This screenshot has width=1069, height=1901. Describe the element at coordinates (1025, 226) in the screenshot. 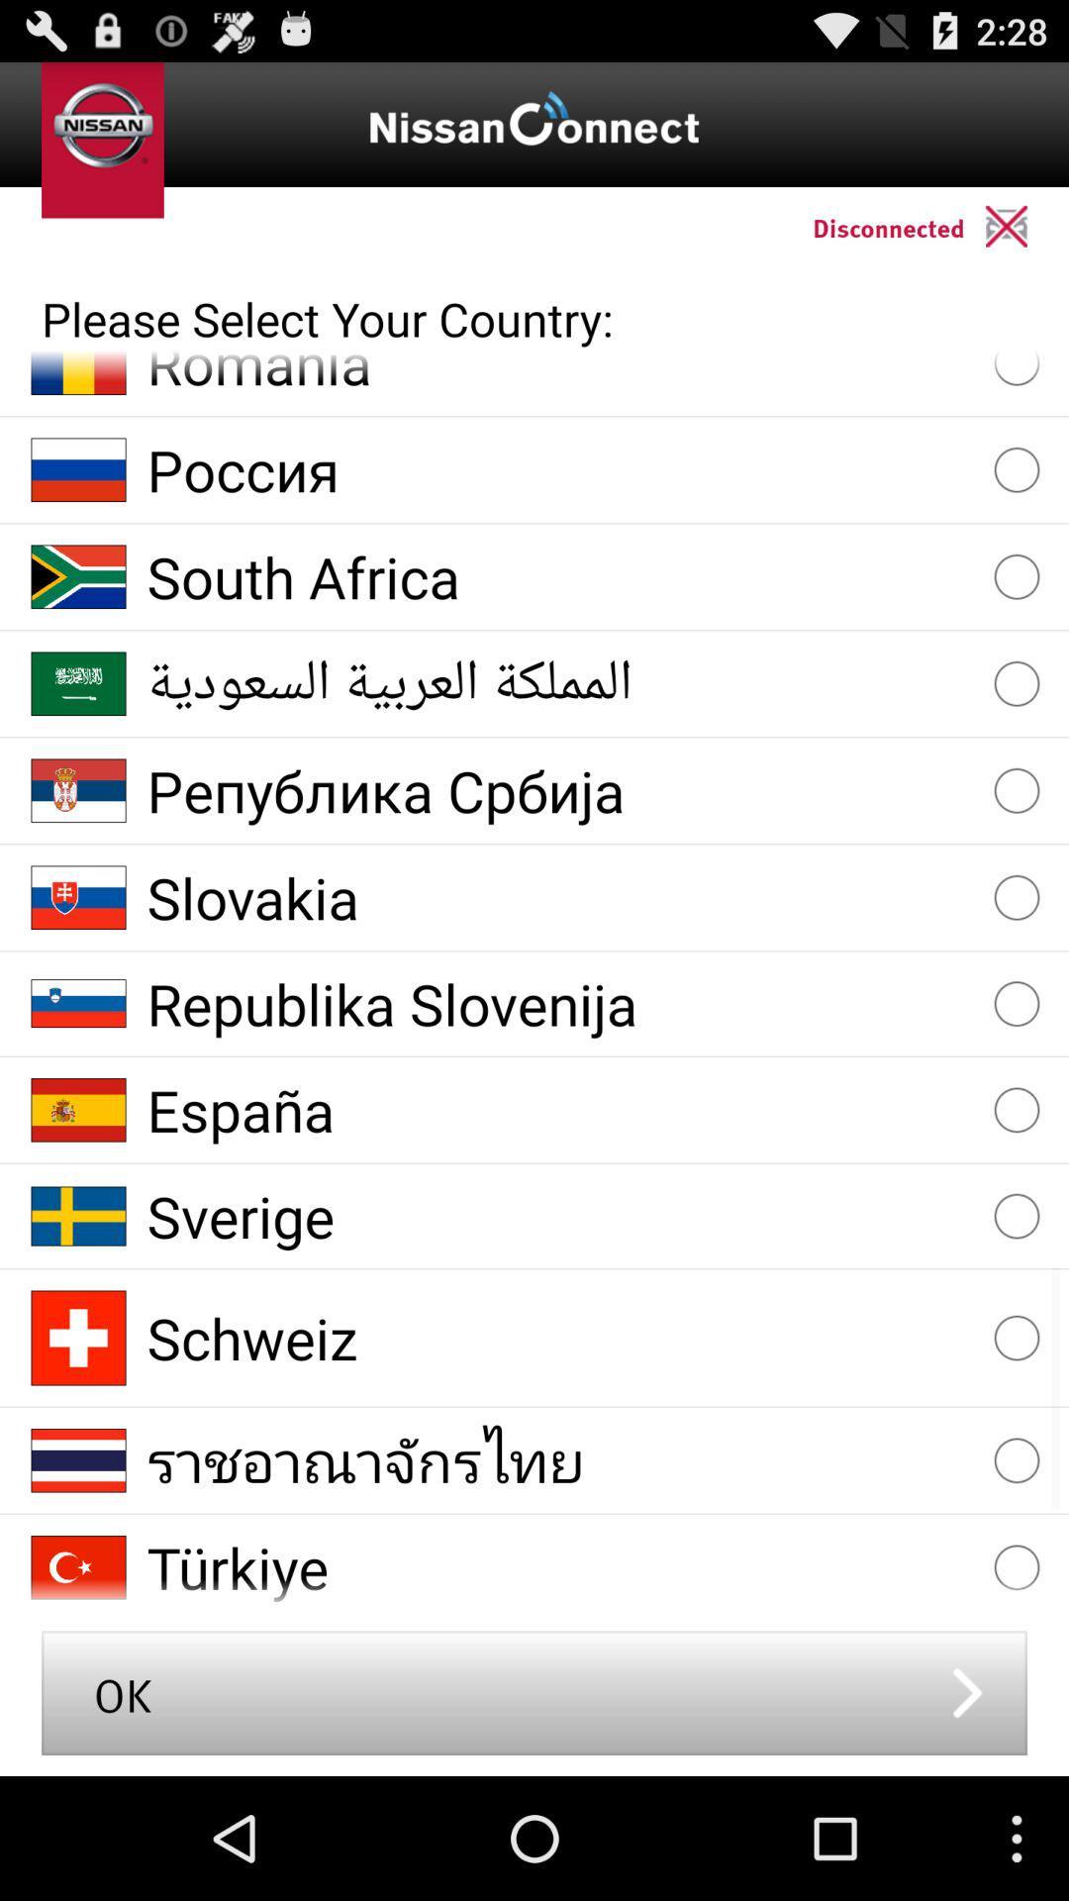

I see `connect to the car` at that location.